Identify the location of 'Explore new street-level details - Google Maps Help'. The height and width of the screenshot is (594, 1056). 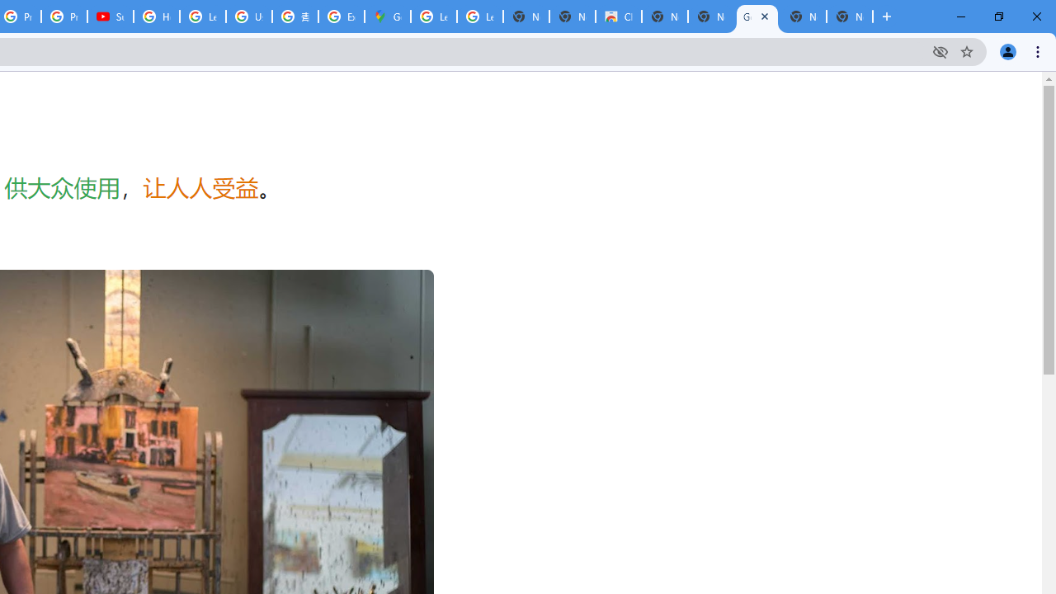
(341, 16).